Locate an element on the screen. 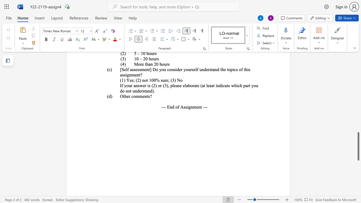  the scrollbar to slide the page up is located at coordinates (358, 110).